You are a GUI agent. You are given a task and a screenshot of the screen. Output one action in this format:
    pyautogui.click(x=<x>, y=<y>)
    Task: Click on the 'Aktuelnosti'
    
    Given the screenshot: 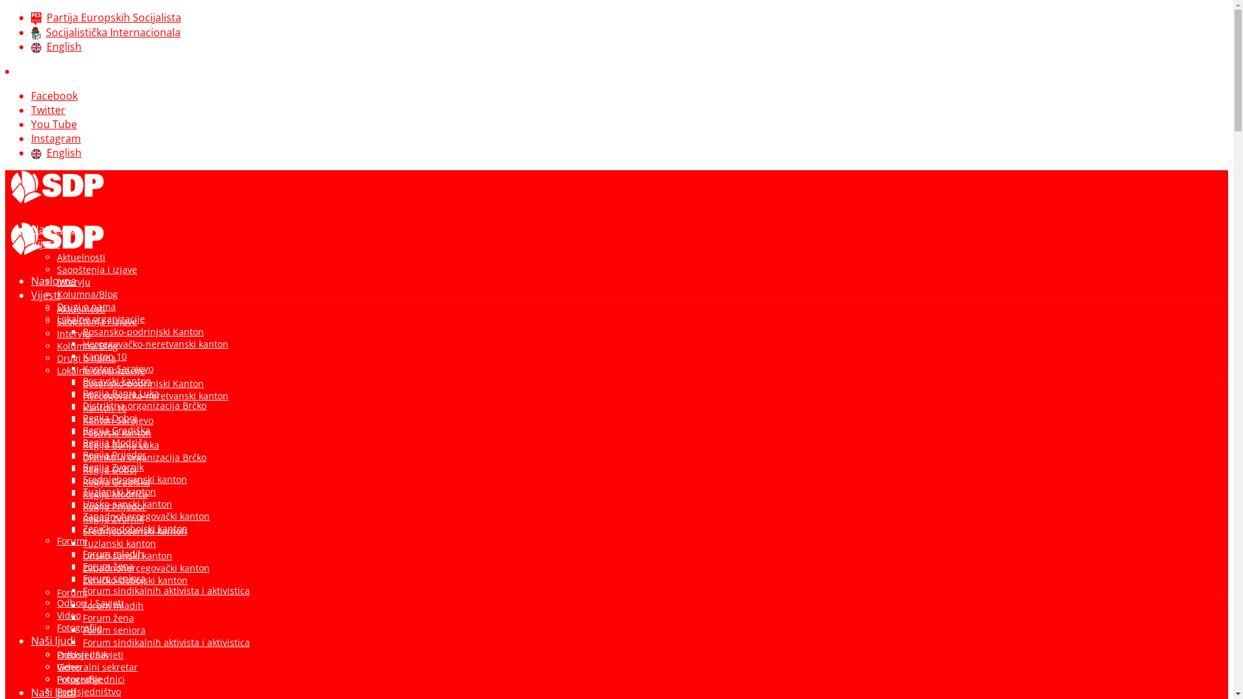 What is the action you would take?
    pyautogui.click(x=80, y=257)
    